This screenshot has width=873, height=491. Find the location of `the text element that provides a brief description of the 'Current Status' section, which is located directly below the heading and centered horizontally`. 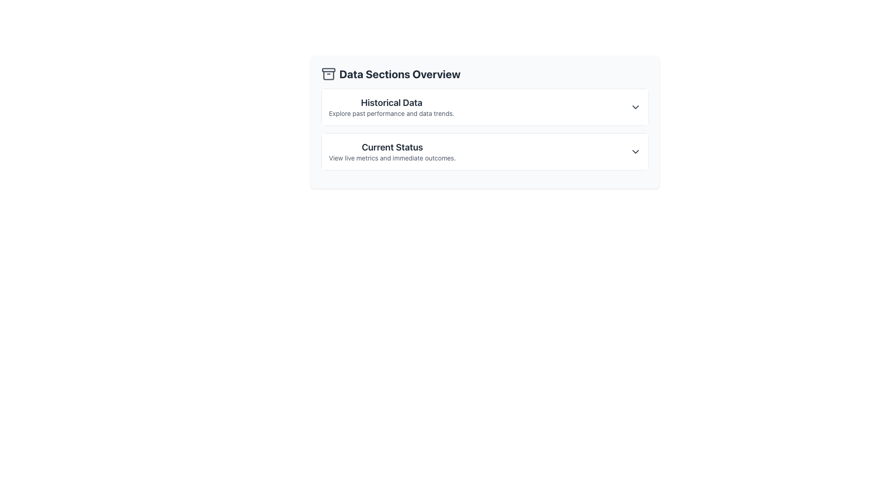

the text element that provides a brief description of the 'Current Status' section, which is located directly below the heading and centered horizontally is located at coordinates (392, 157).